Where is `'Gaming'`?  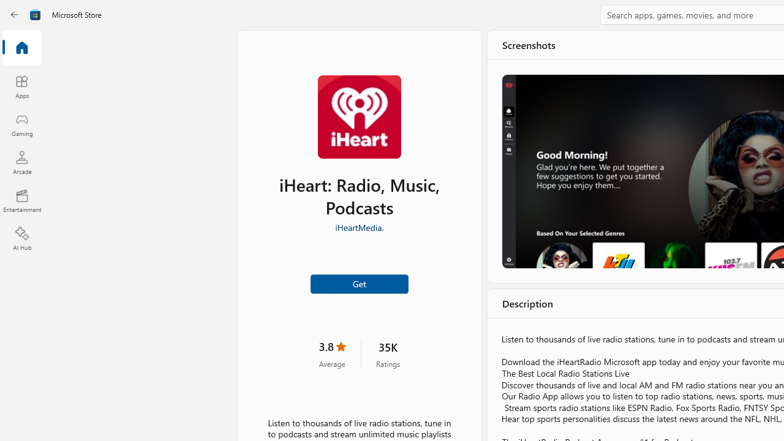
'Gaming' is located at coordinates (21, 124).